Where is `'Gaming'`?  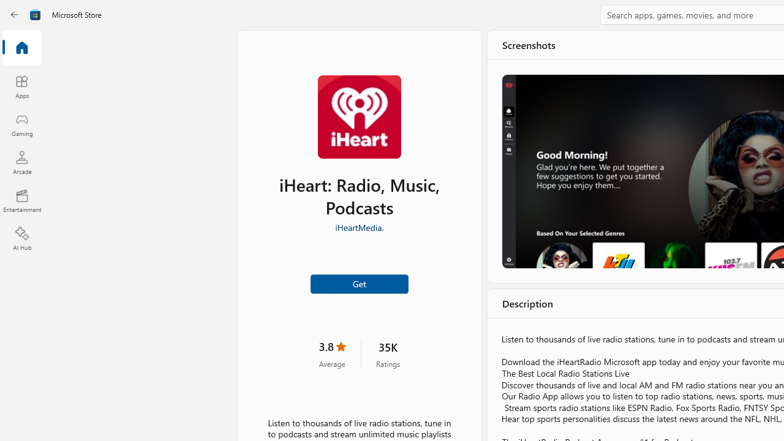
'Gaming' is located at coordinates (21, 124).